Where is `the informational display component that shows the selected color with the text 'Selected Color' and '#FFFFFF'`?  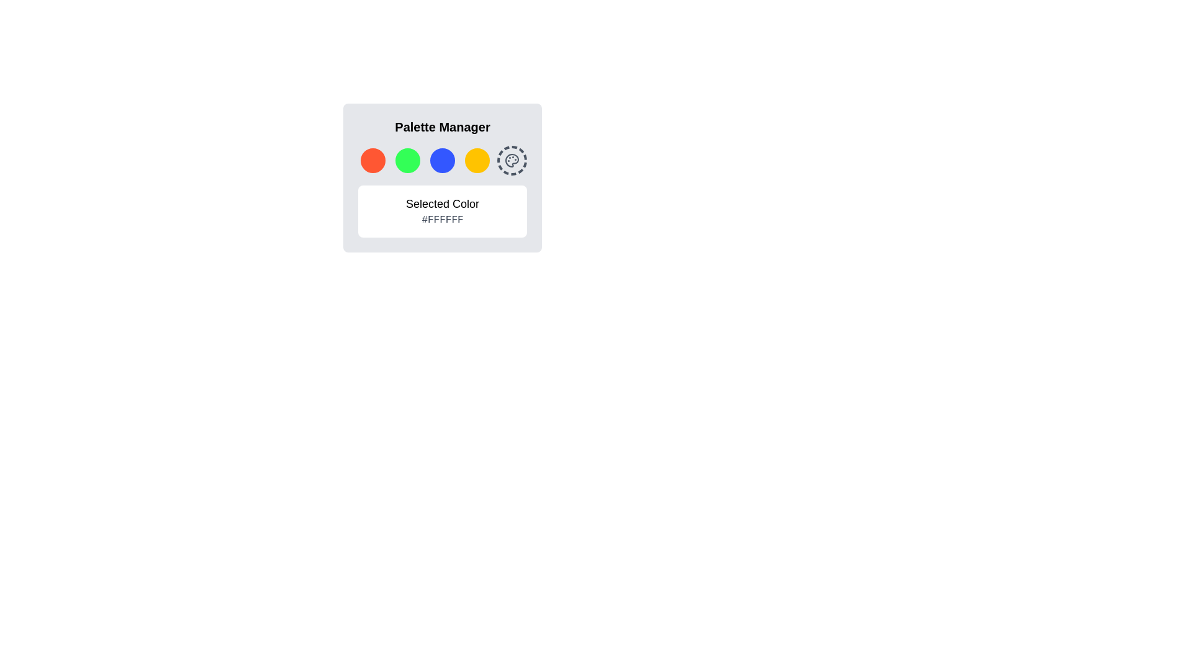
the informational display component that shows the selected color with the text 'Selected Color' and '#FFFFFF' is located at coordinates (443, 210).